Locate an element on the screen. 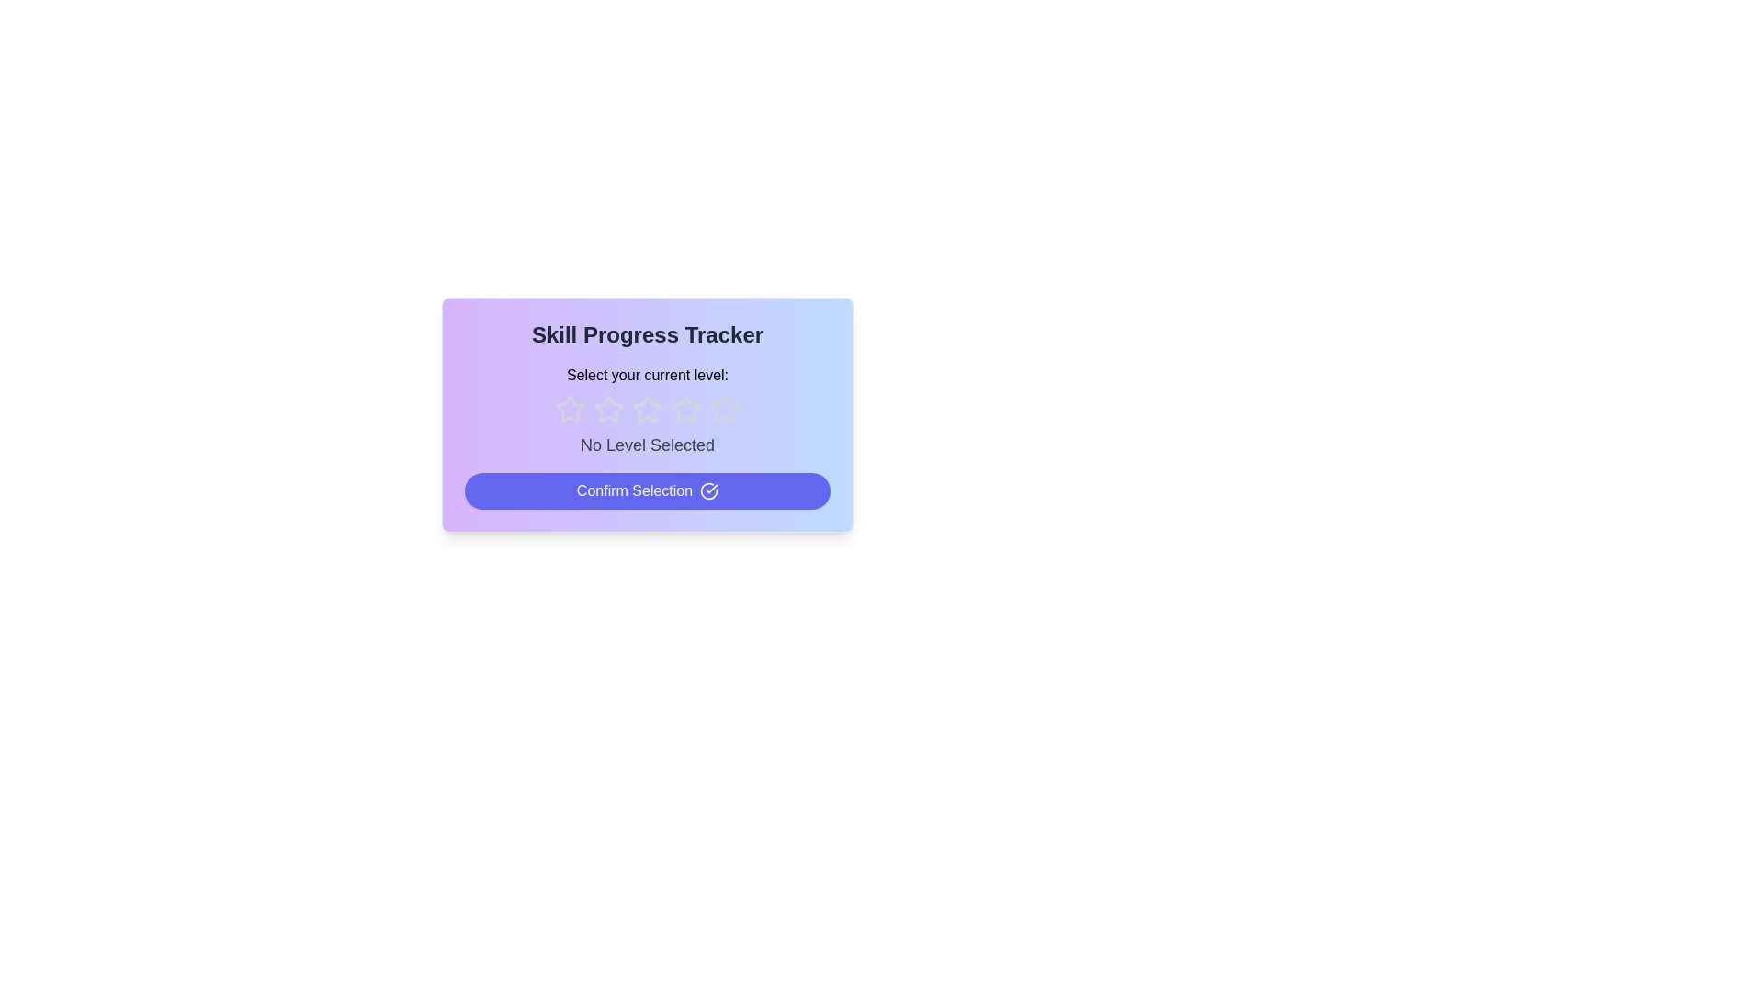 The width and height of the screenshot is (1764, 992). the star corresponding to 3 to preview the rating is located at coordinates (648, 409).